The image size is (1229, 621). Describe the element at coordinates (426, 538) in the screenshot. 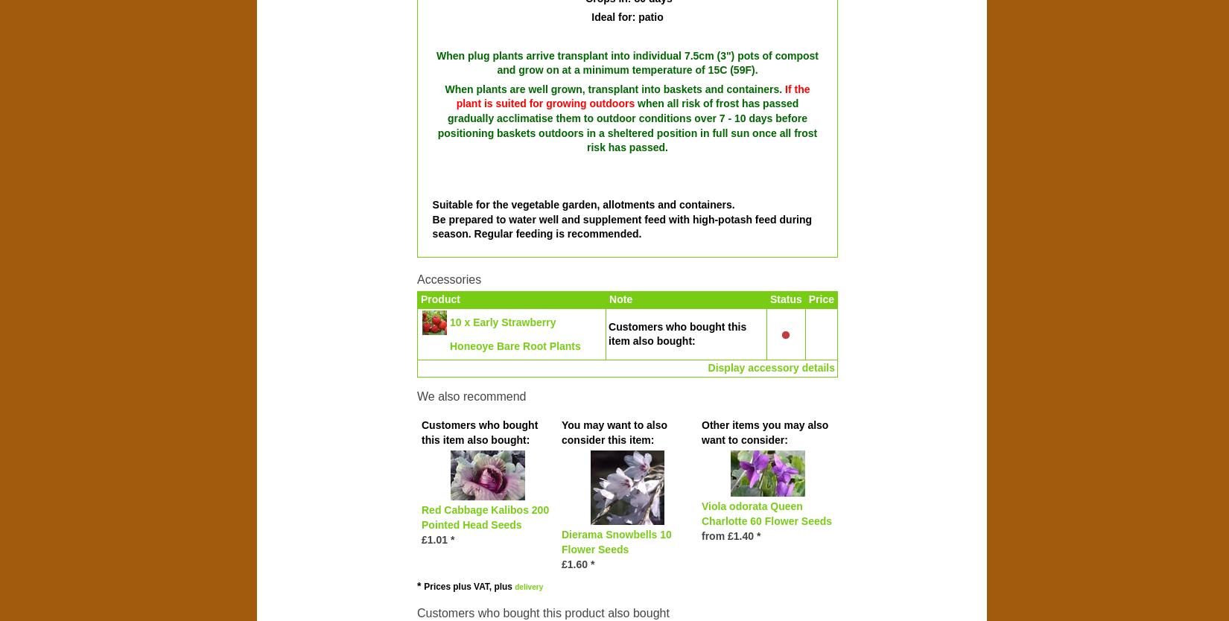

I see `'1.01'` at that location.